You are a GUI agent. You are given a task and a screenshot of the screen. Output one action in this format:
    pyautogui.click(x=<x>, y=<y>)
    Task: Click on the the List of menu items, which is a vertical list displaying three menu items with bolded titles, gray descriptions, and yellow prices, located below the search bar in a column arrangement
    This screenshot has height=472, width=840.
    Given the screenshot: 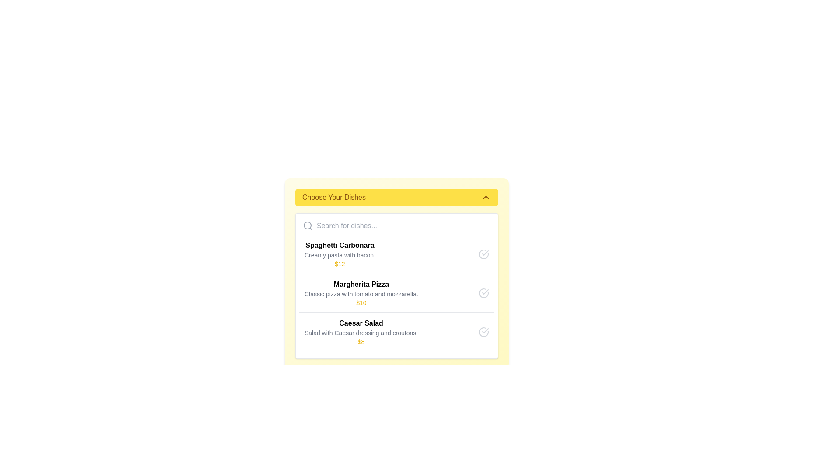 What is the action you would take?
    pyautogui.click(x=396, y=293)
    